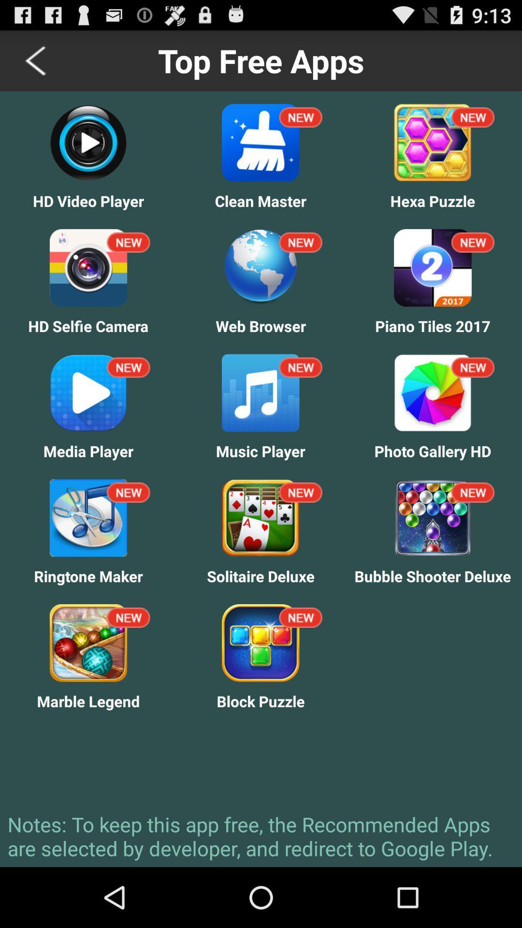 Image resolution: width=522 pixels, height=928 pixels. Describe the element at coordinates (260, 643) in the screenshot. I see `the fifth row of second image` at that location.